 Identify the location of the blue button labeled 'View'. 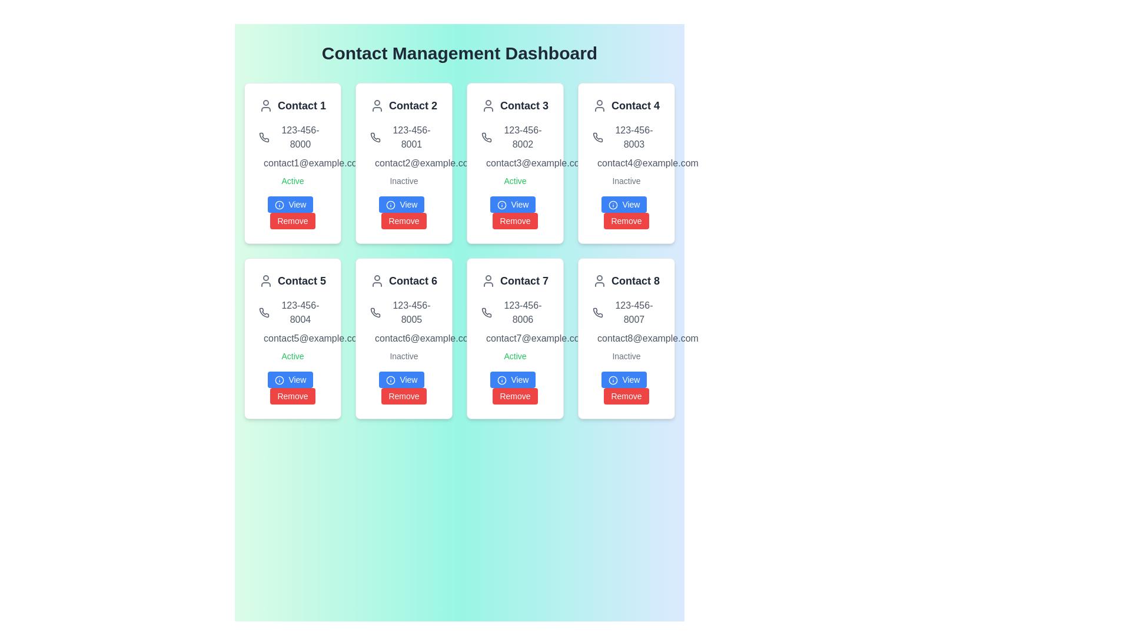
(623, 203).